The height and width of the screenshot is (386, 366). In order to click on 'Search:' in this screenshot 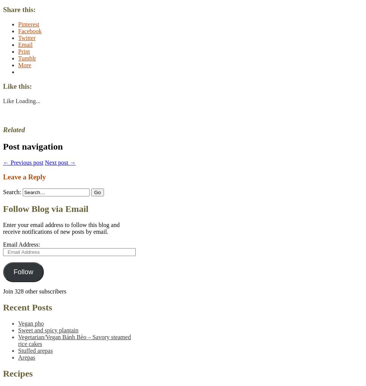, I will do `click(3, 192)`.